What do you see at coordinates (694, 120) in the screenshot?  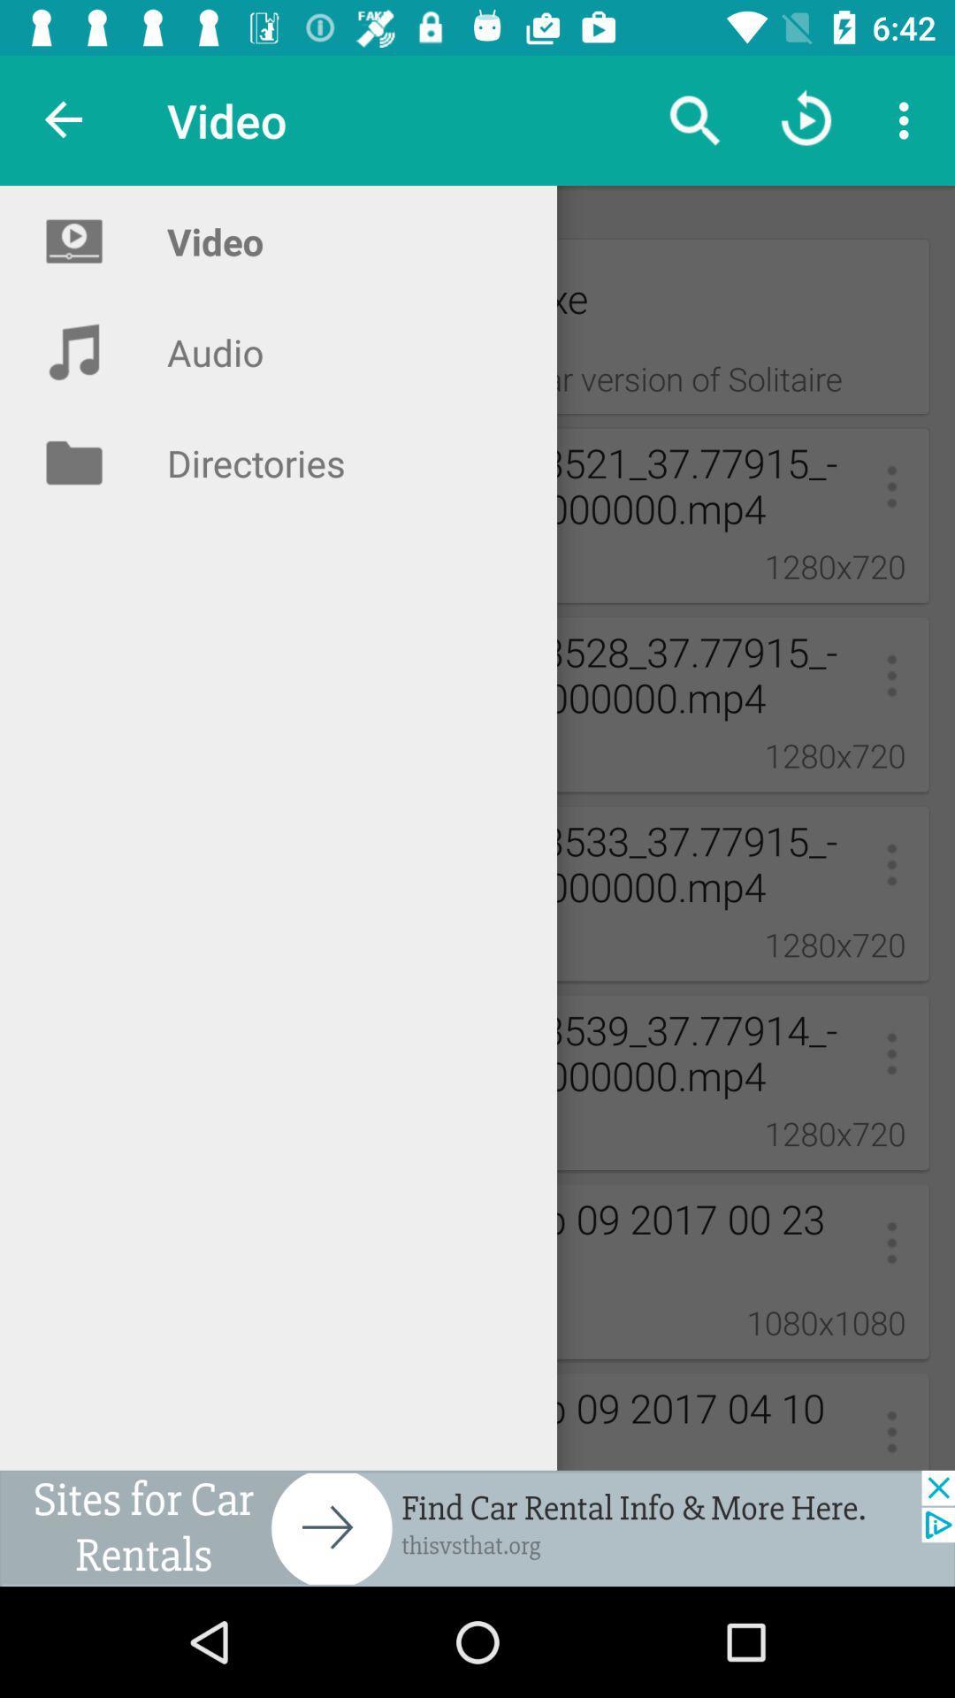 I see `the search icon` at bounding box center [694, 120].